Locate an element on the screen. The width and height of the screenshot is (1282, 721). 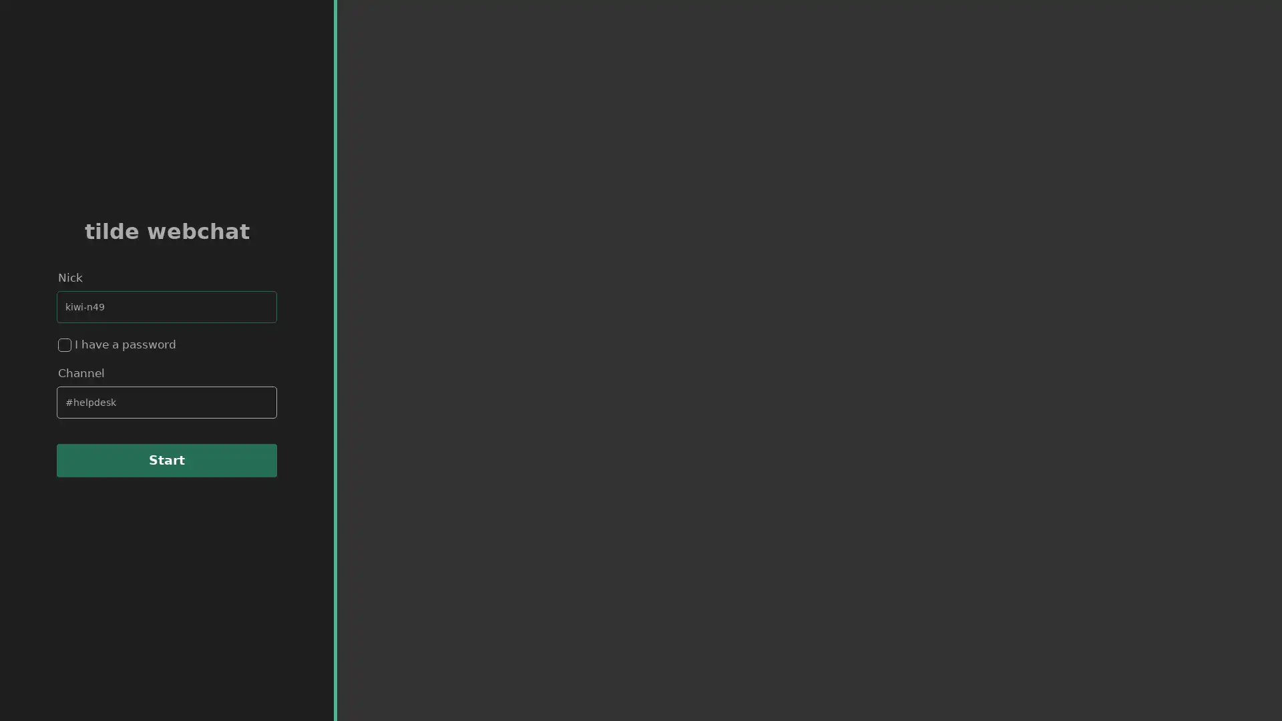
Start is located at coordinates (166, 459).